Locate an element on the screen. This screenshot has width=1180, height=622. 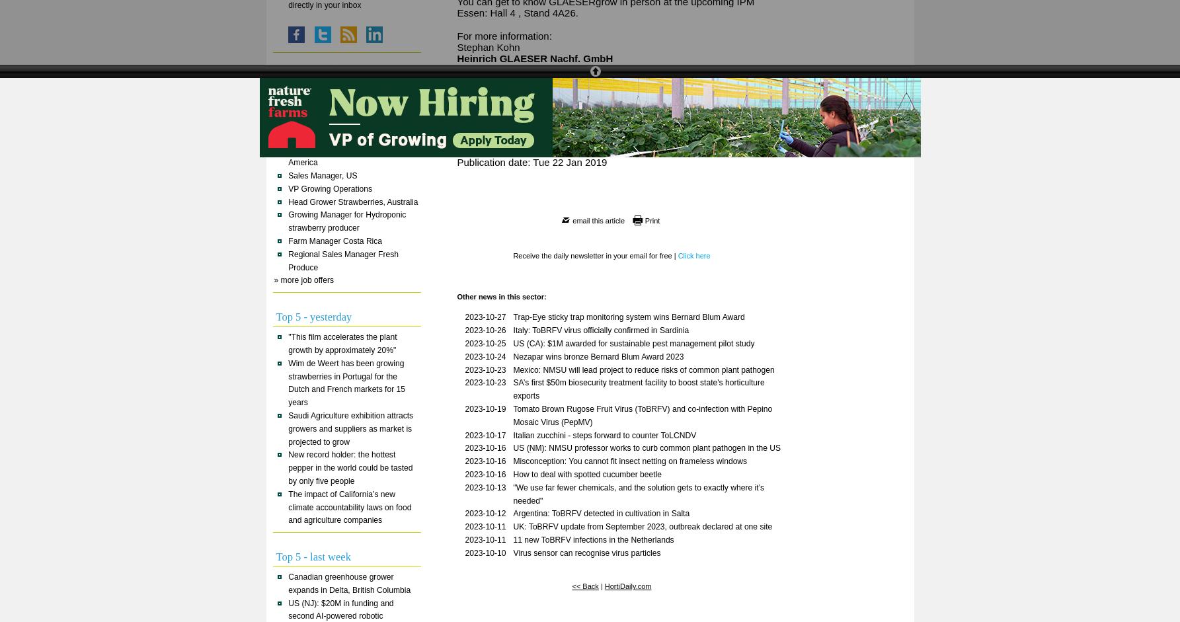
'Click here' is located at coordinates (693, 254).